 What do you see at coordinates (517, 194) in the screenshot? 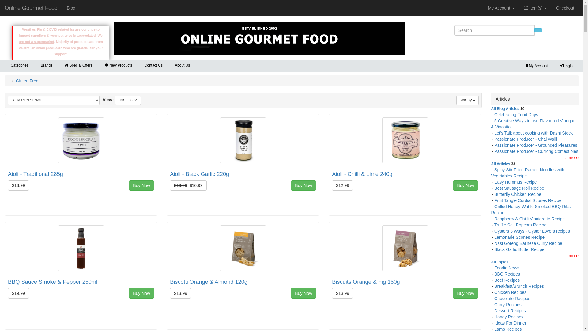
I see `'Butterfly Chicken Recipe'` at bounding box center [517, 194].